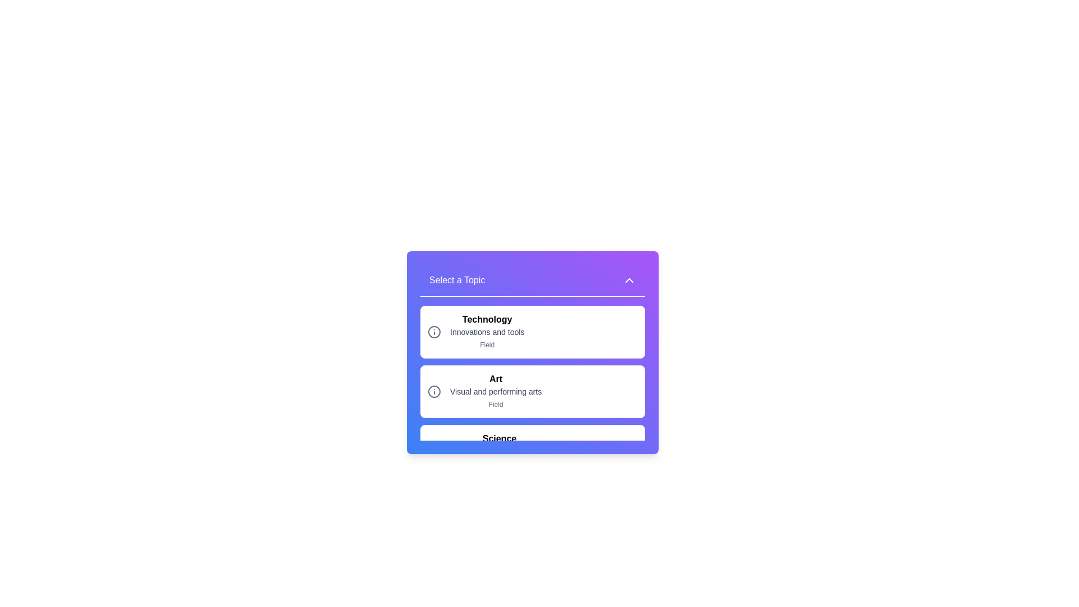  Describe the element at coordinates (433, 391) in the screenshot. I see `the circular icon with a gray stroke featuring an 'i' symbol located to the left of the entry titled 'Art', adjacent to the text 'Visual and performing arts', if it is clickable` at that location.